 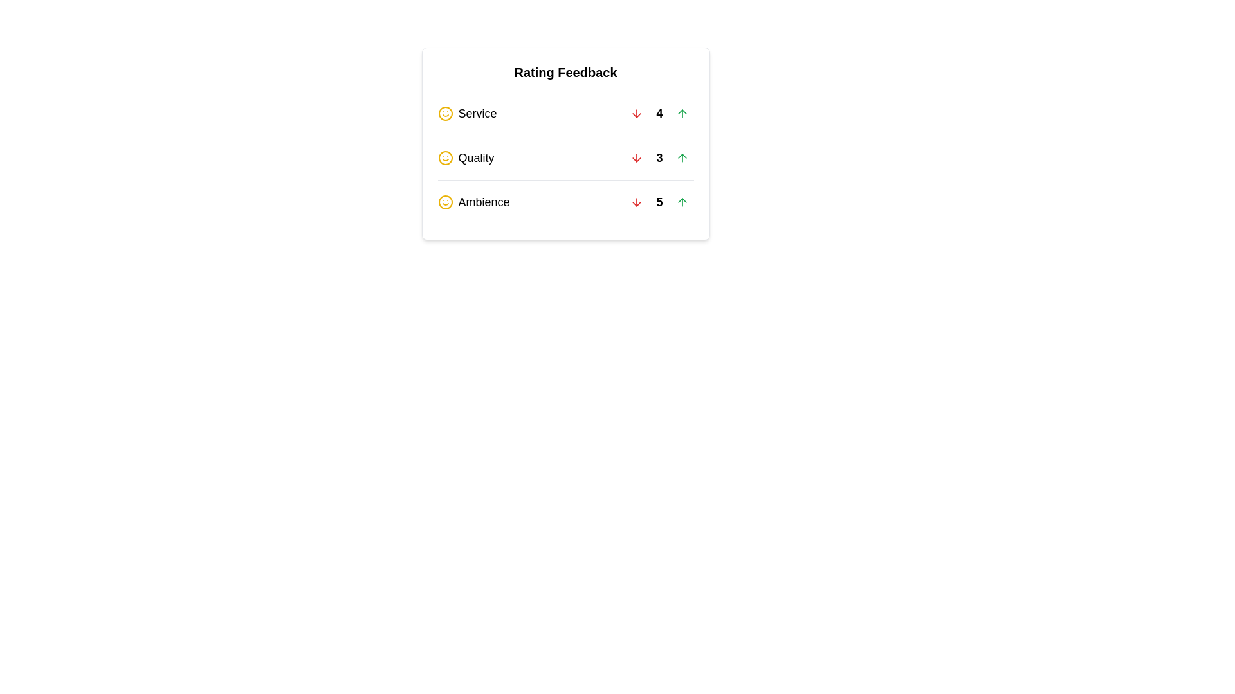 What do you see at coordinates (681, 202) in the screenshot?
I see `the green arrow button located to the right of the number '5', which is the third control in a row, to interact with it and increase the rating for 'Ambience'` at bounding box center [681, 202].